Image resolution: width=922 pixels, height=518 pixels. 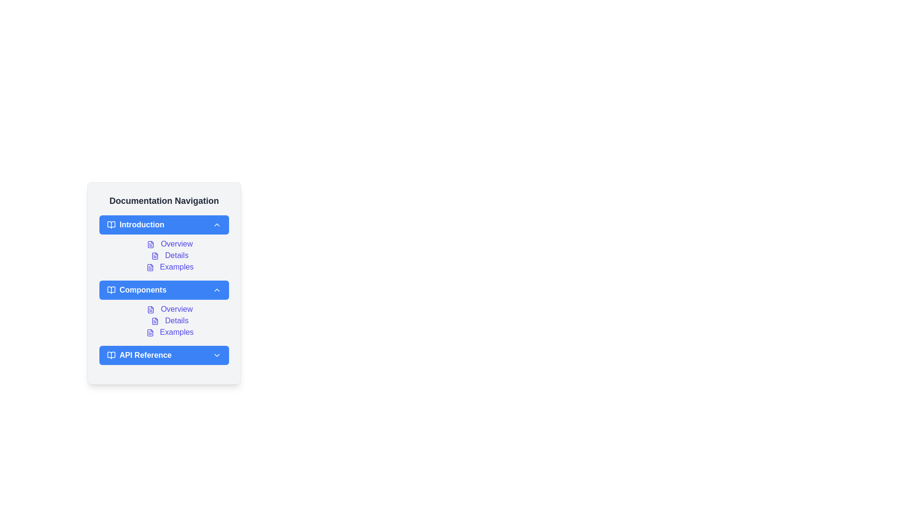 I want to click on the 'Details' icon representing a navigational link located under the 'Components' section in the documentation navigation, so click(x=155, y=321).